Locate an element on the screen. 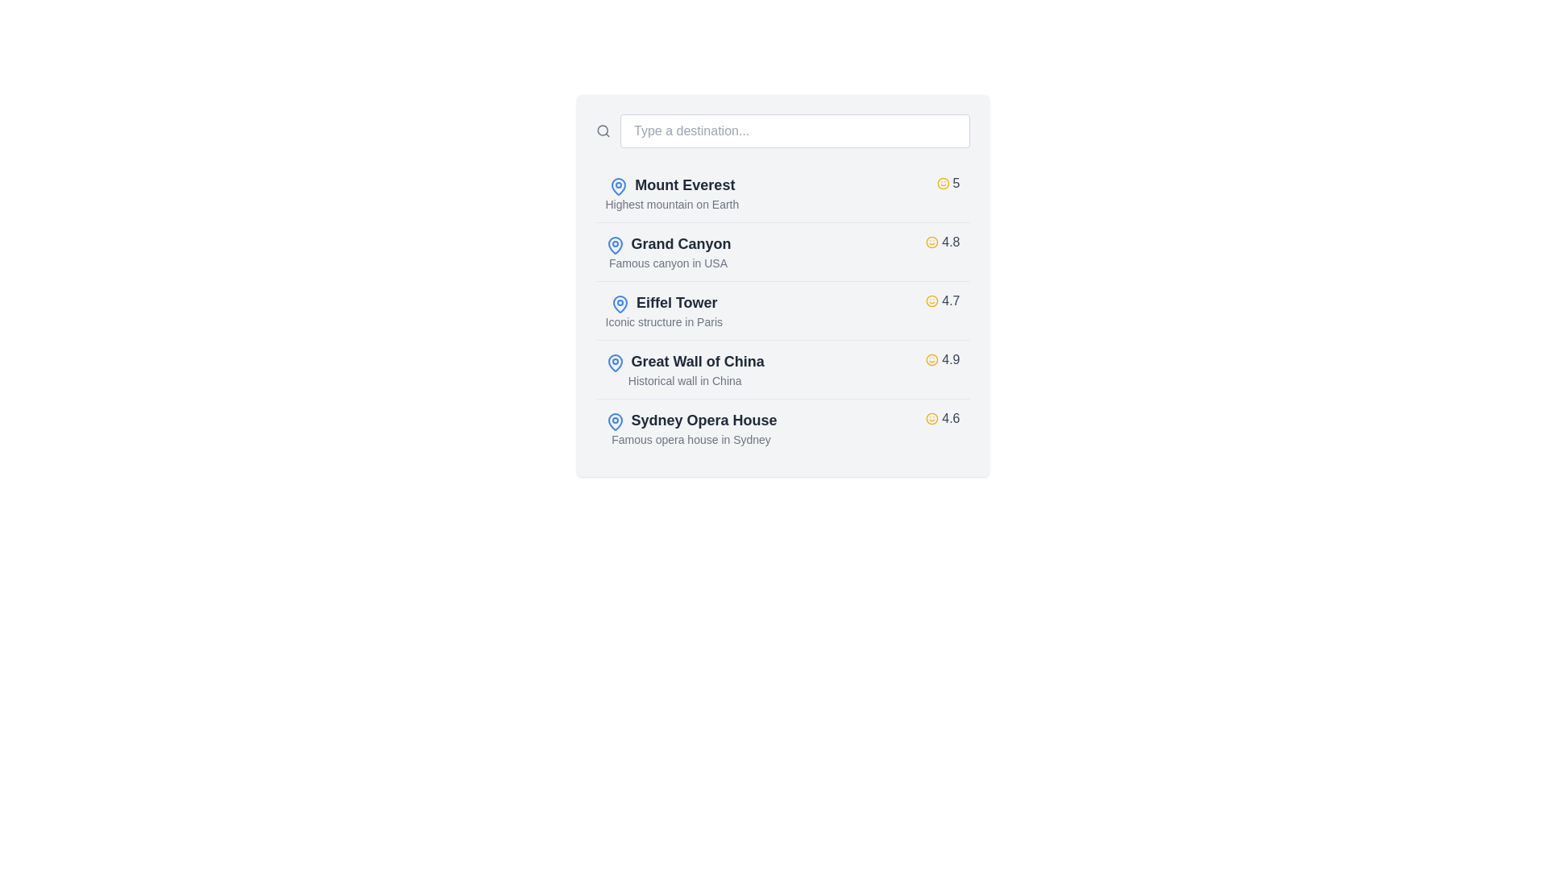 The image size is (1547, 870). the second list item for the Grand Canyon in the destinations list is located at coordinates (668, 251).